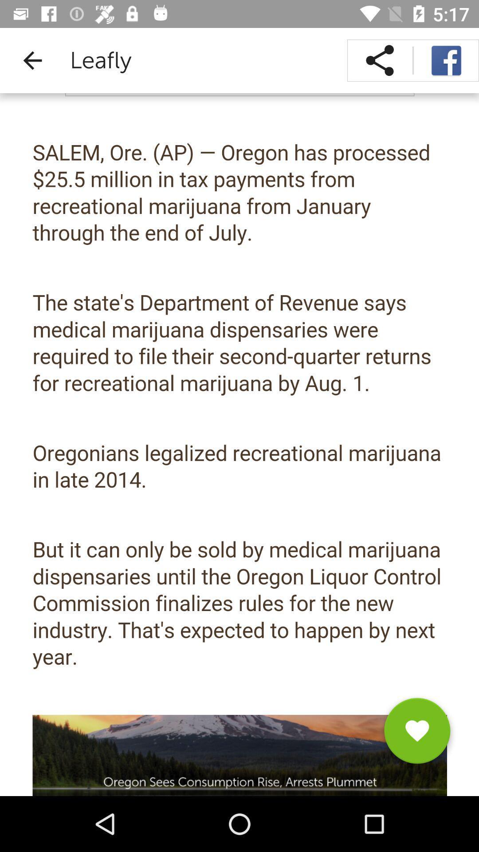  What do you see at coordinates (417, 734) in the screenshot?
I see `the favorite icon` at bounding box center [417, 734].